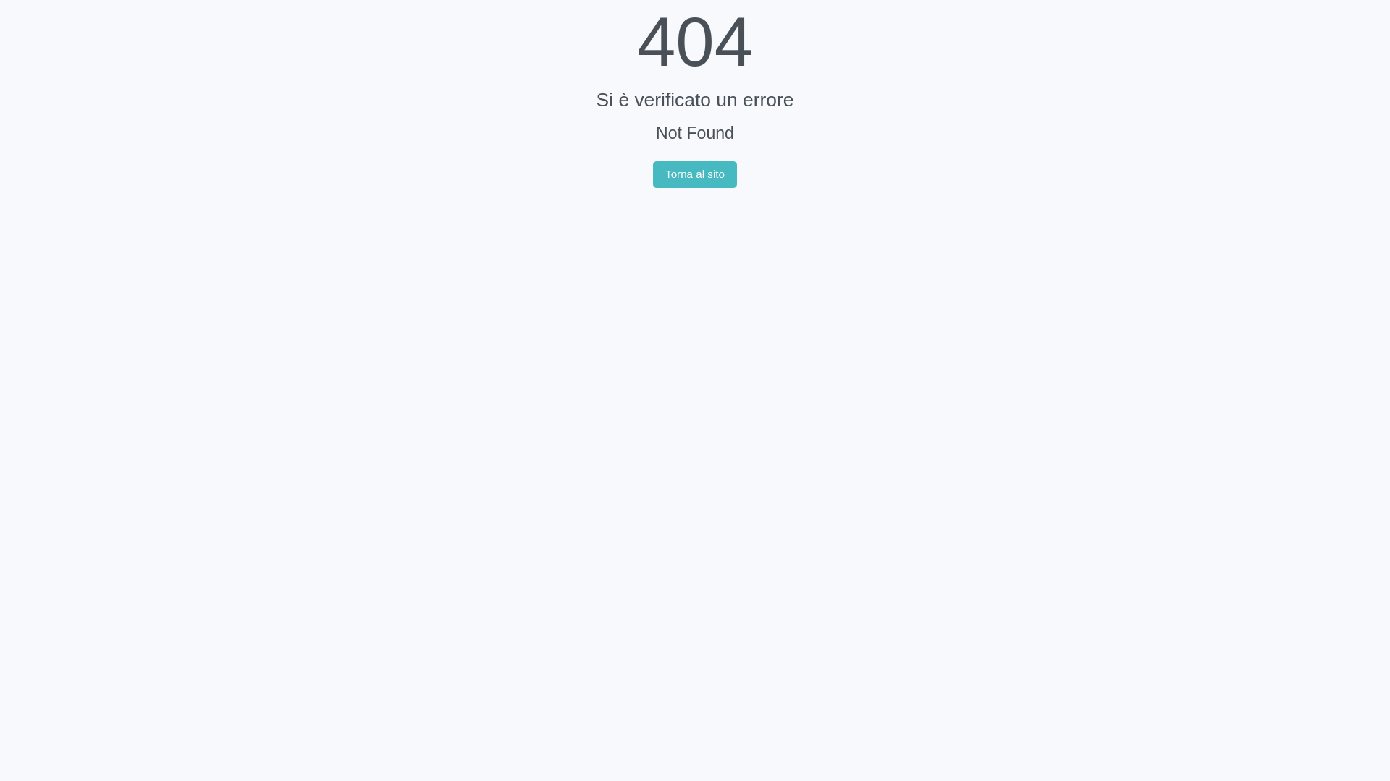 This screenshot has width=1390, height=781. I want to click on 'Torna al sito', so click(695, 174).